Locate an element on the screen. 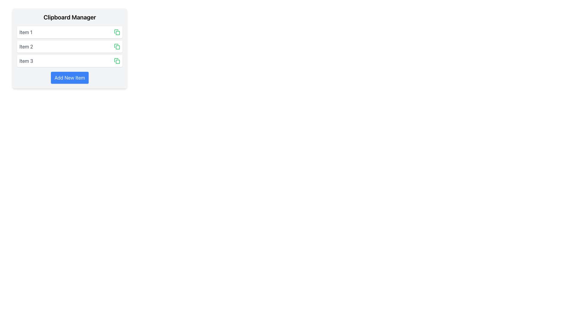 This screenshot has height=323, width=575. the text label displaying 'Item 2' in dark grey font, which is positioned below 'Item 1' and above 'Item 3' is located at coordinates (26, 46).